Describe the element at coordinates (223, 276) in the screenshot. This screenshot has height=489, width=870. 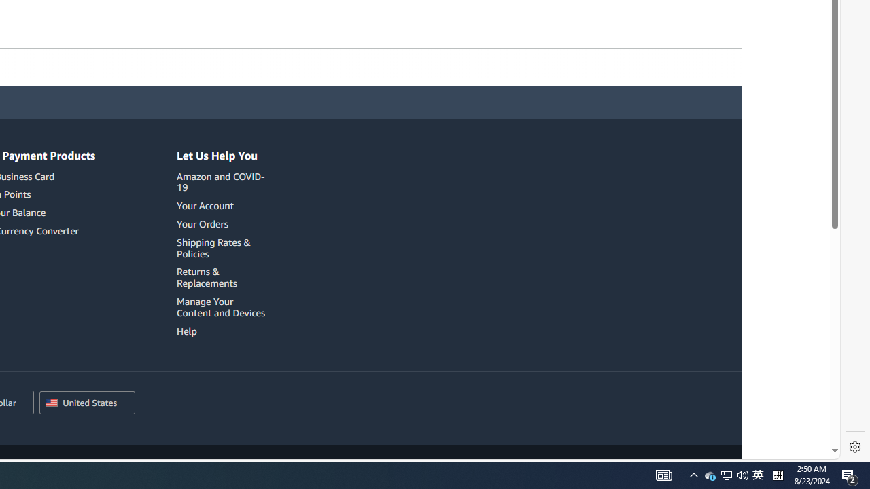
I see `'Returns & Replacements'` at that location.